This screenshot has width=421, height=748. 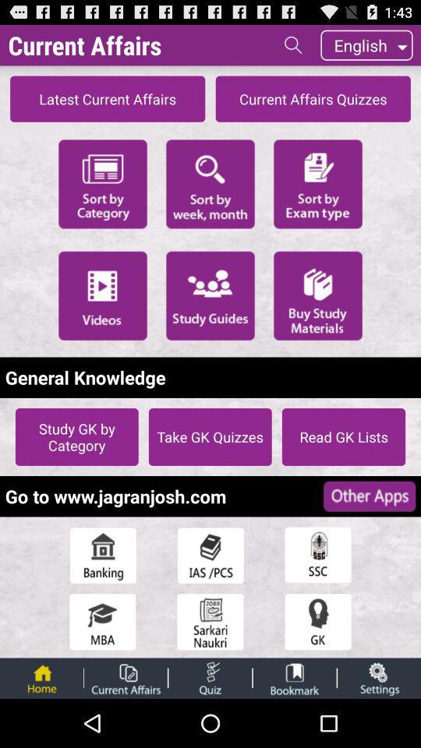 I want to click on search current affairs, so click(x=293, y=44).